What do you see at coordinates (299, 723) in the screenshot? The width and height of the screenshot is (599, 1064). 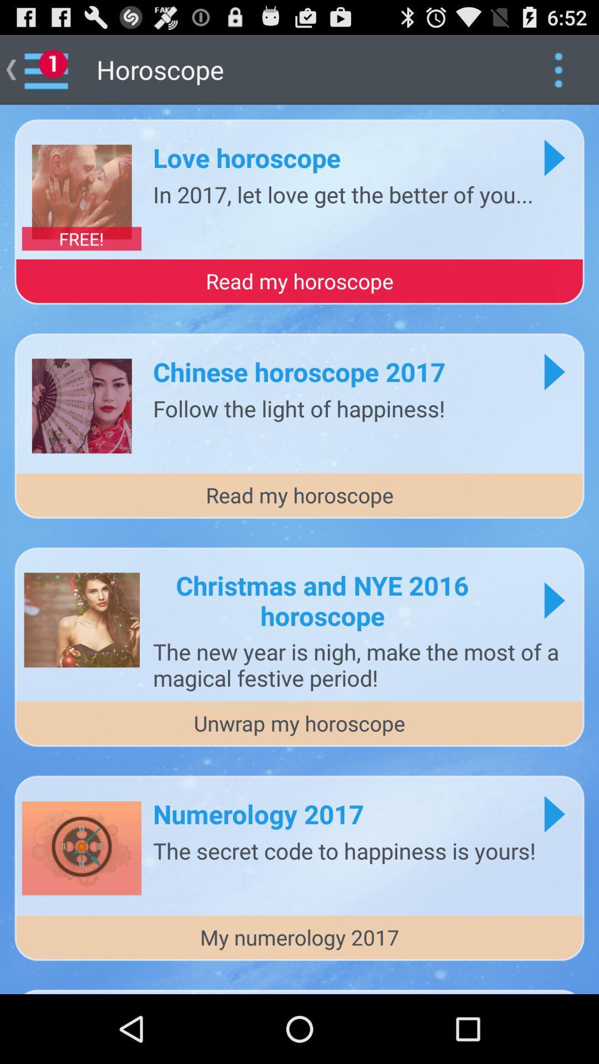 I see `the icon below the the new year icon` at bounding box center [299, 723].